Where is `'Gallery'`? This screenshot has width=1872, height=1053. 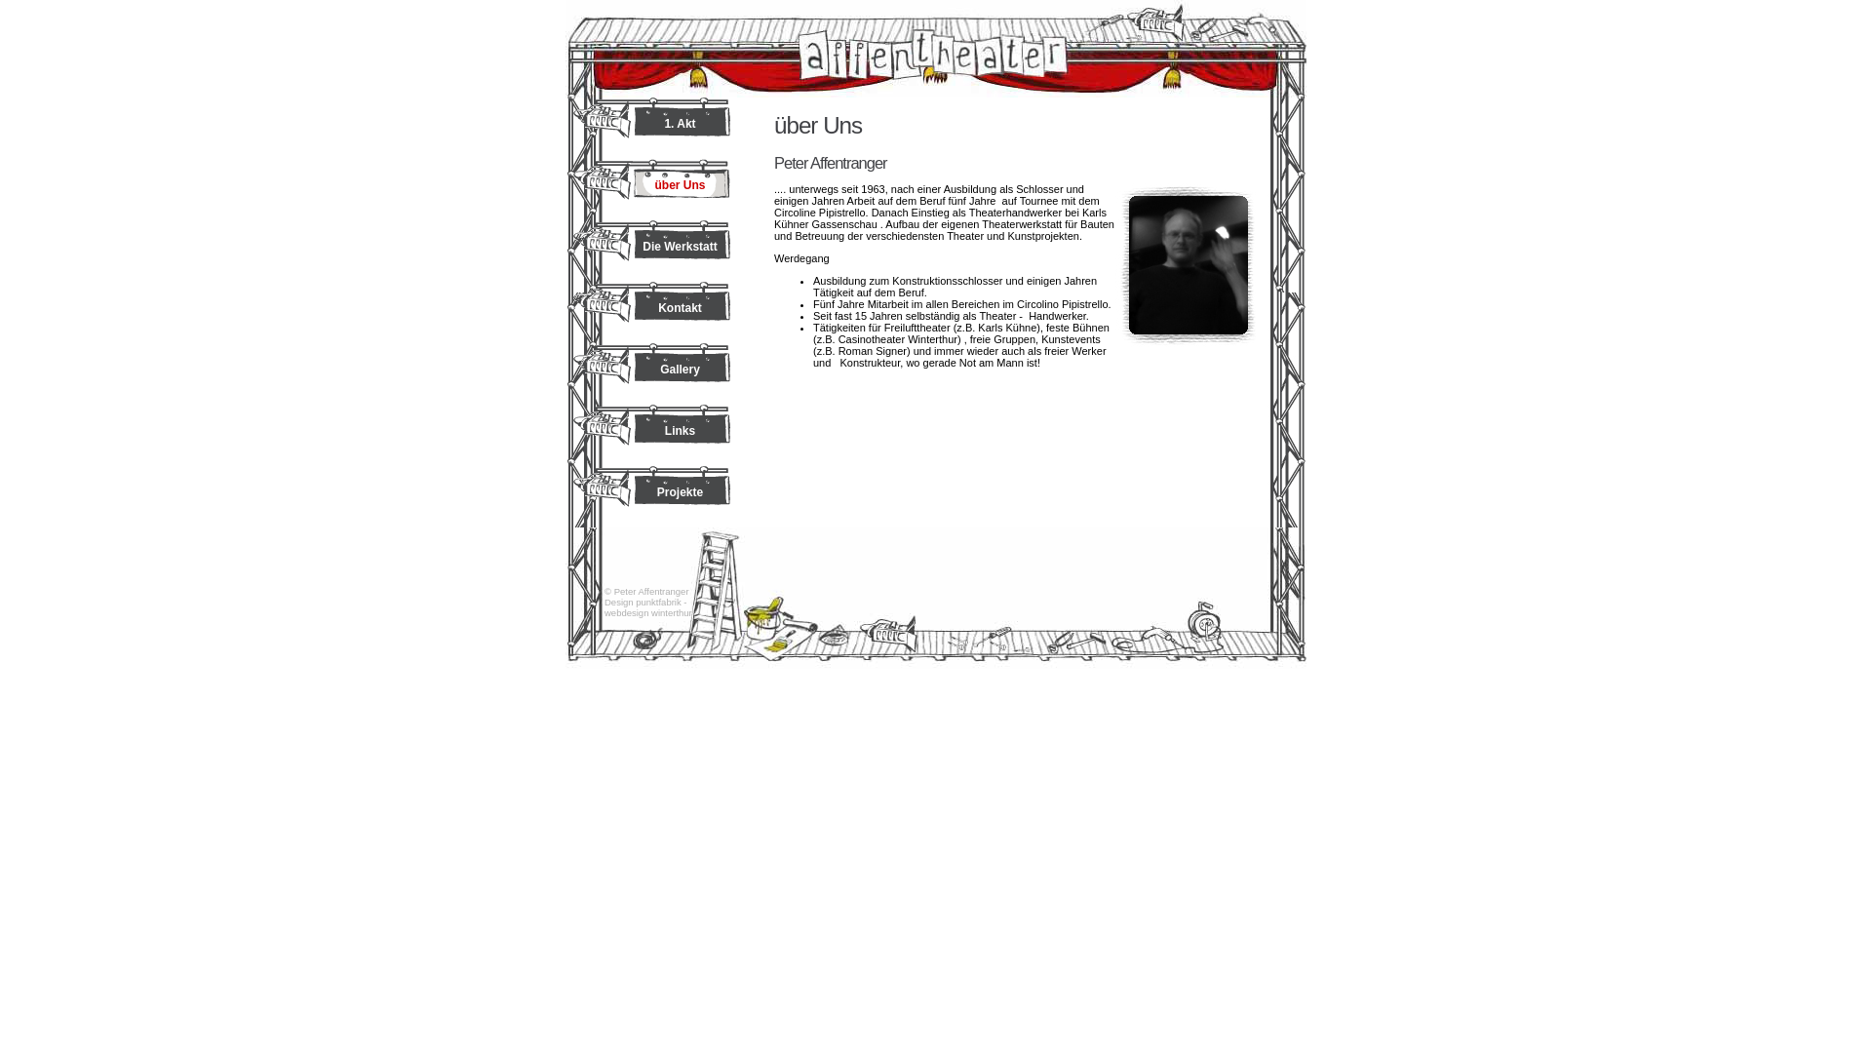 'Gallery' is located at coordinates (651, 373).